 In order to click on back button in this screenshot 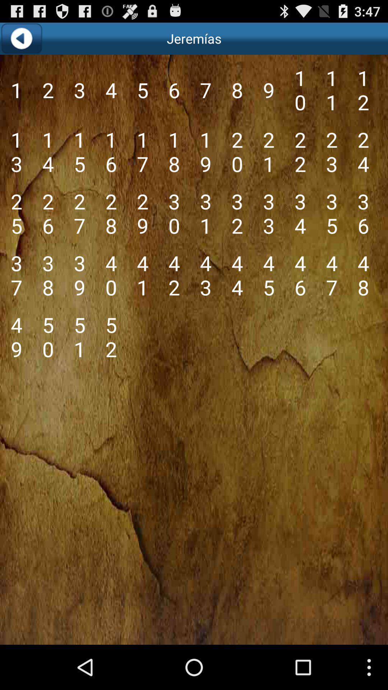, I will do `click(21, 38)`.